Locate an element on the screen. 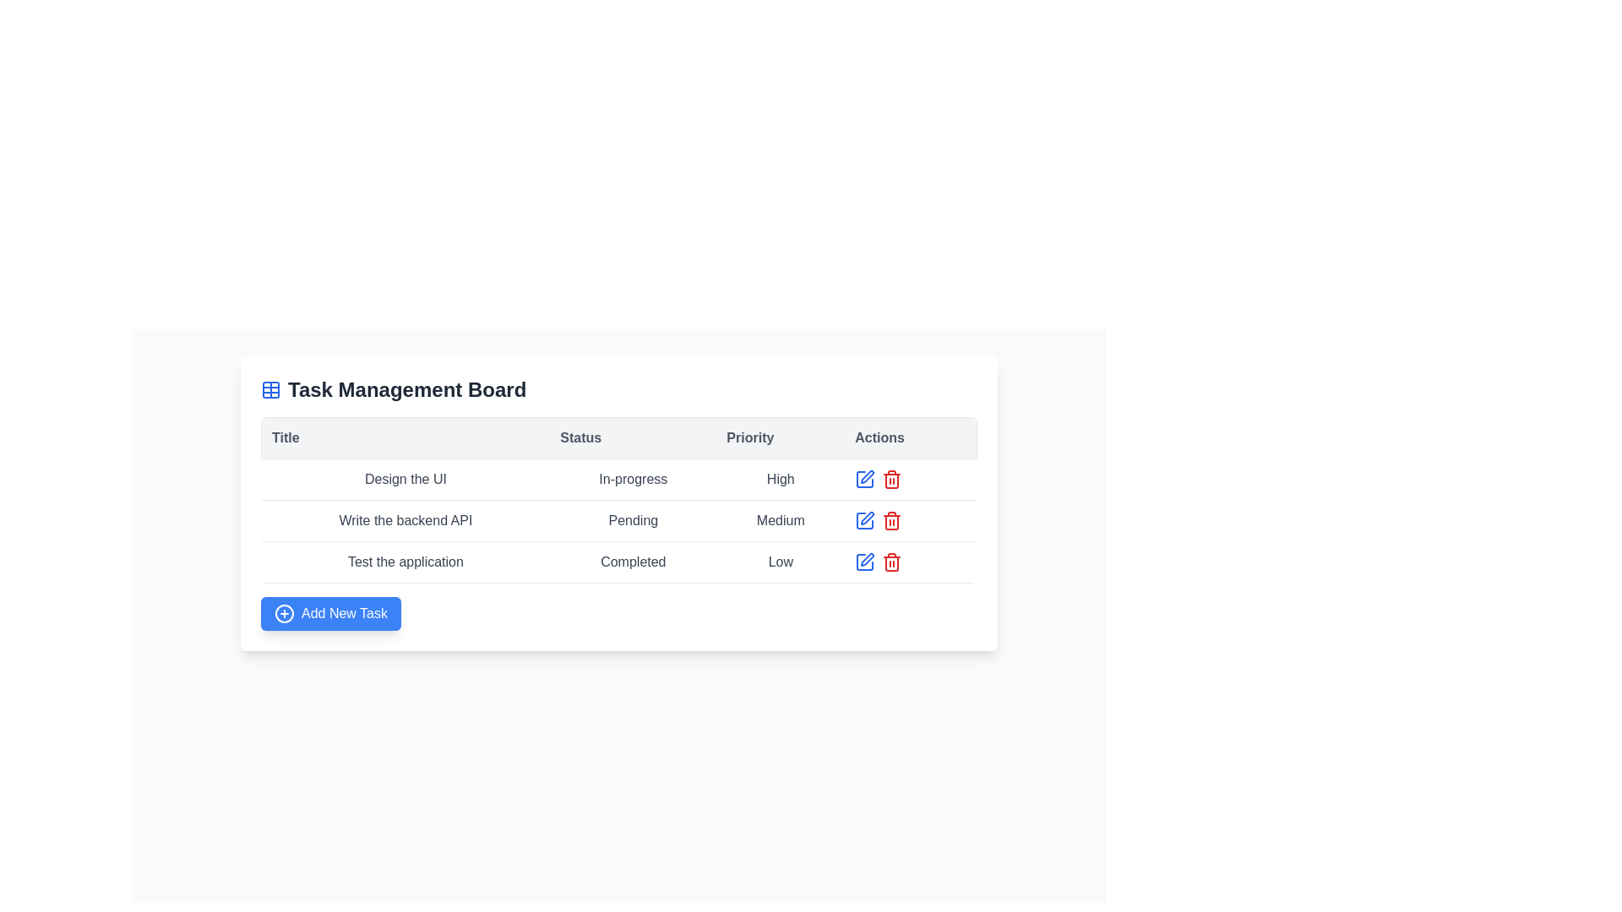  the delete icon located in the rightmost column labeled 'Actions' adjacent to the 'Write the backend API' task is located at coordinates (891, 520).